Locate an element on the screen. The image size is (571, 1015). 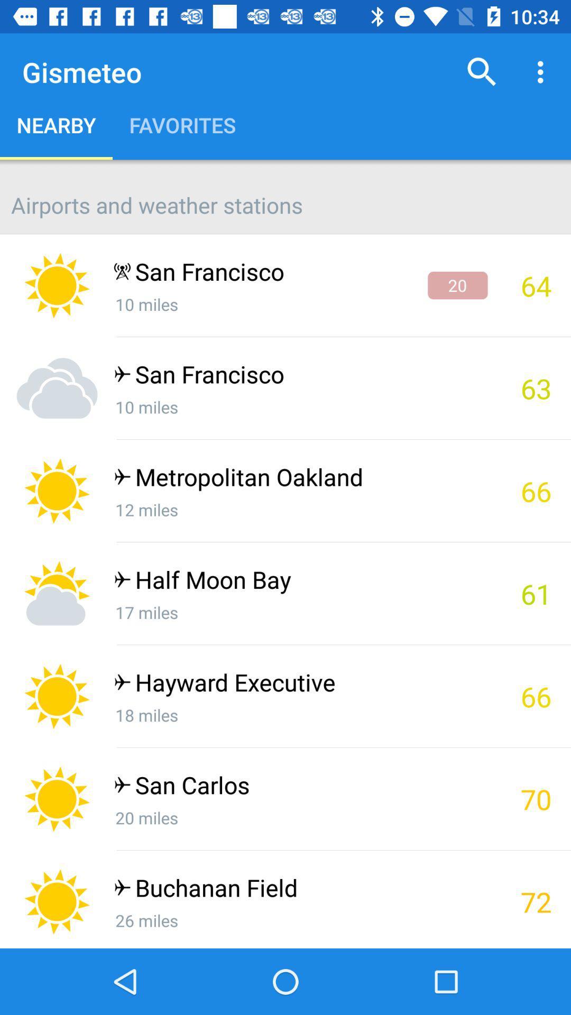
61 item is located at coordinates (529, 594).